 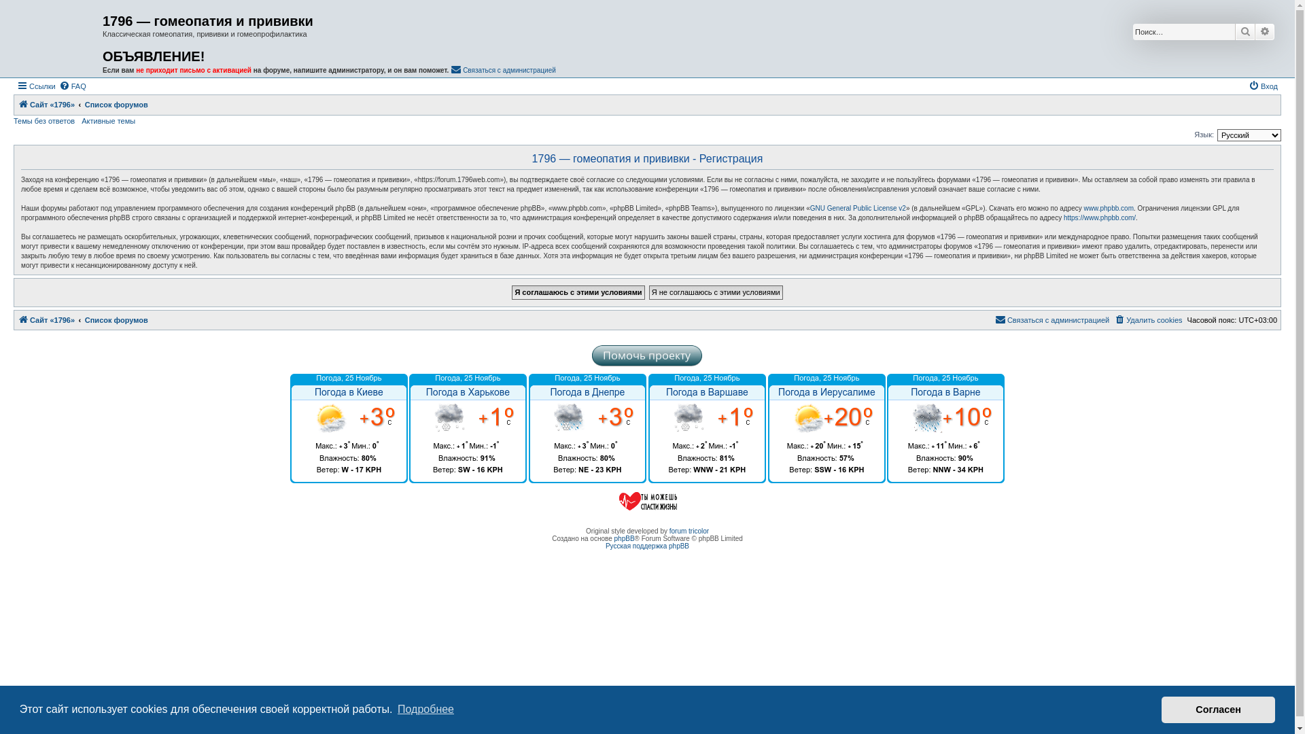 What do you see at coordinates (1099, 217) in the screenshot?
I see `'https://www.phpbb.com/'` at bounding box center [1099, 217].